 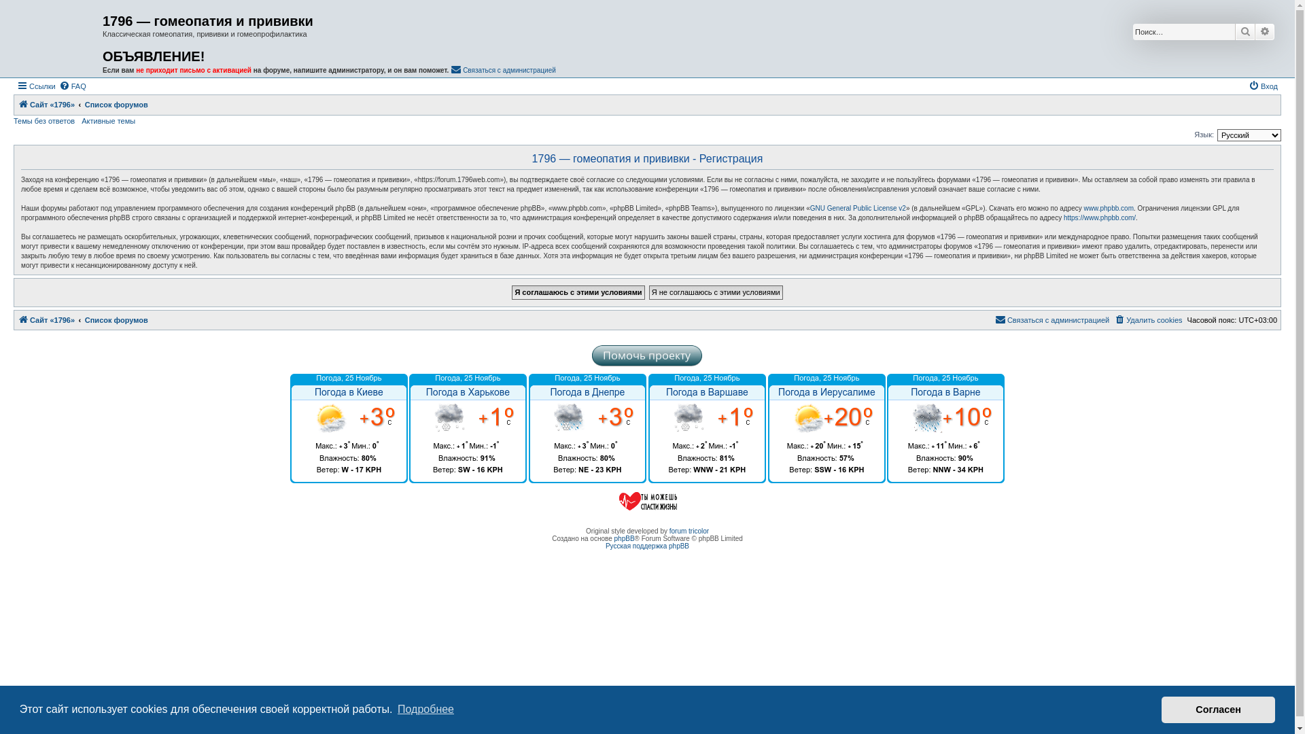 What do you see at coordinates (1099, 217) in the screenshot?
I see `'https://www.phpbb.com/'` at bounding box center [1099, 217].